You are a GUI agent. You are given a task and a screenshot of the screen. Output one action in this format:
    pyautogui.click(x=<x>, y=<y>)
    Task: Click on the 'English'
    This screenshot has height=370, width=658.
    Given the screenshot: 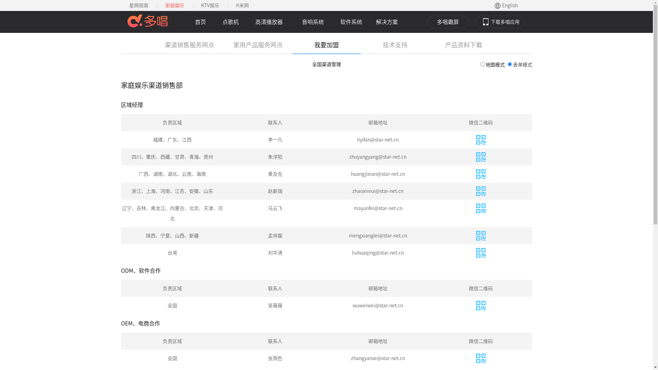 What is the action you would take?
    pyautogui.click(x=510, y=5)
    